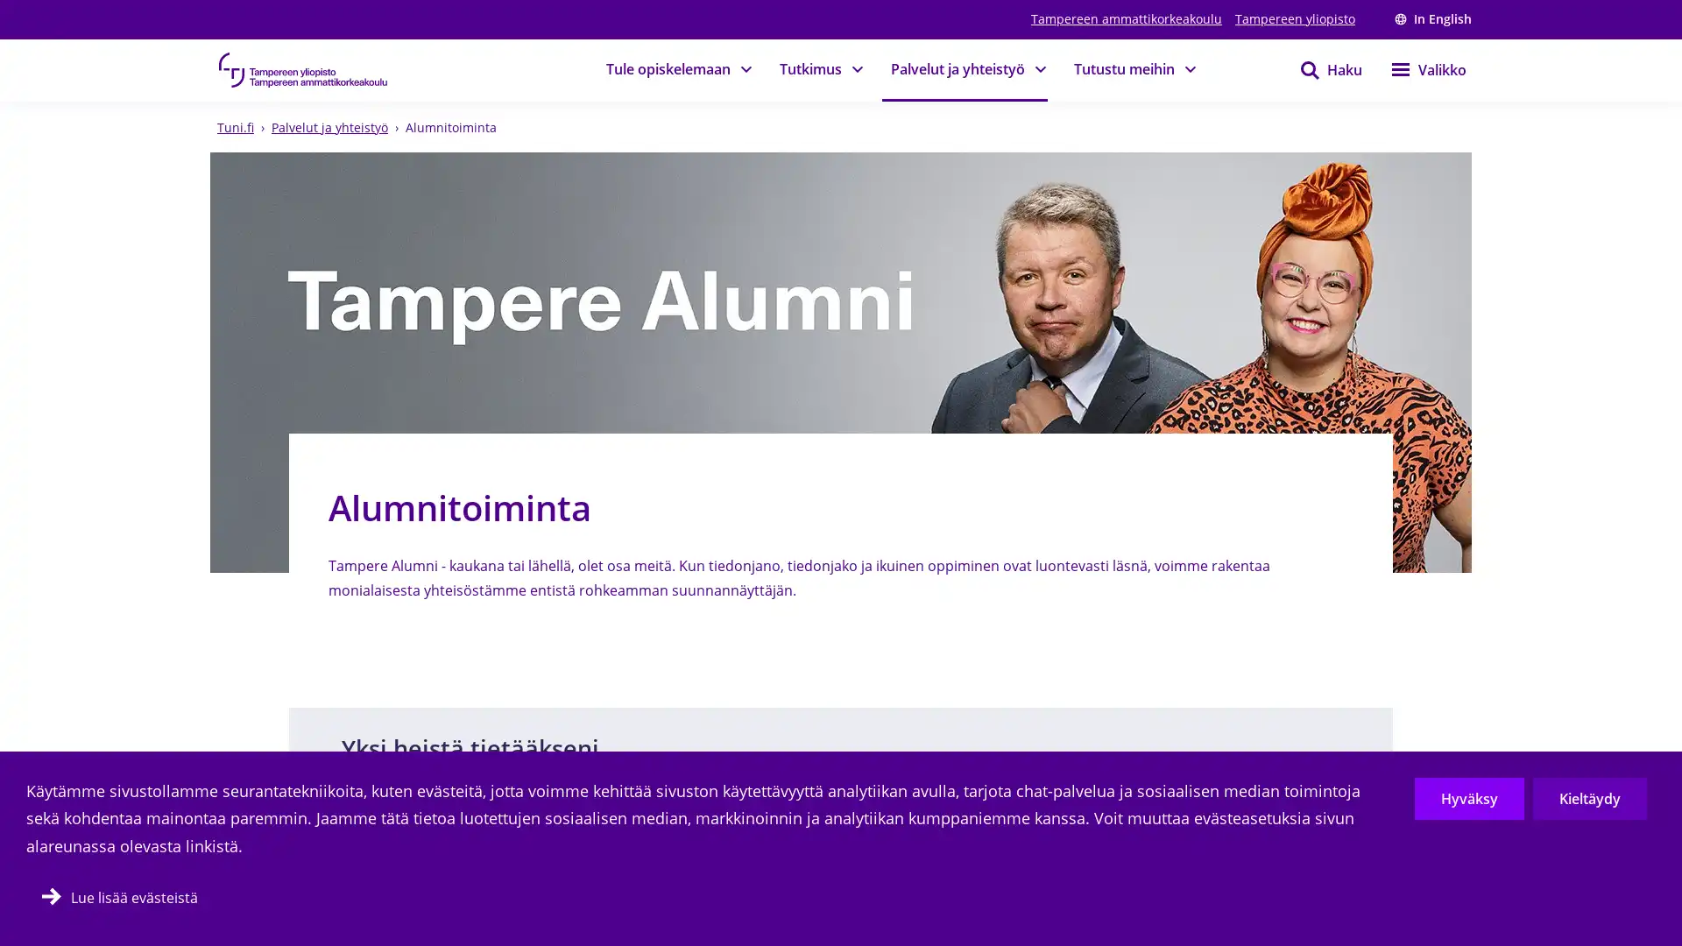 The image size is (1682, 946). Describe the element at coordinates (1330, 69) in the screenshot. I see `Haku` at that location.